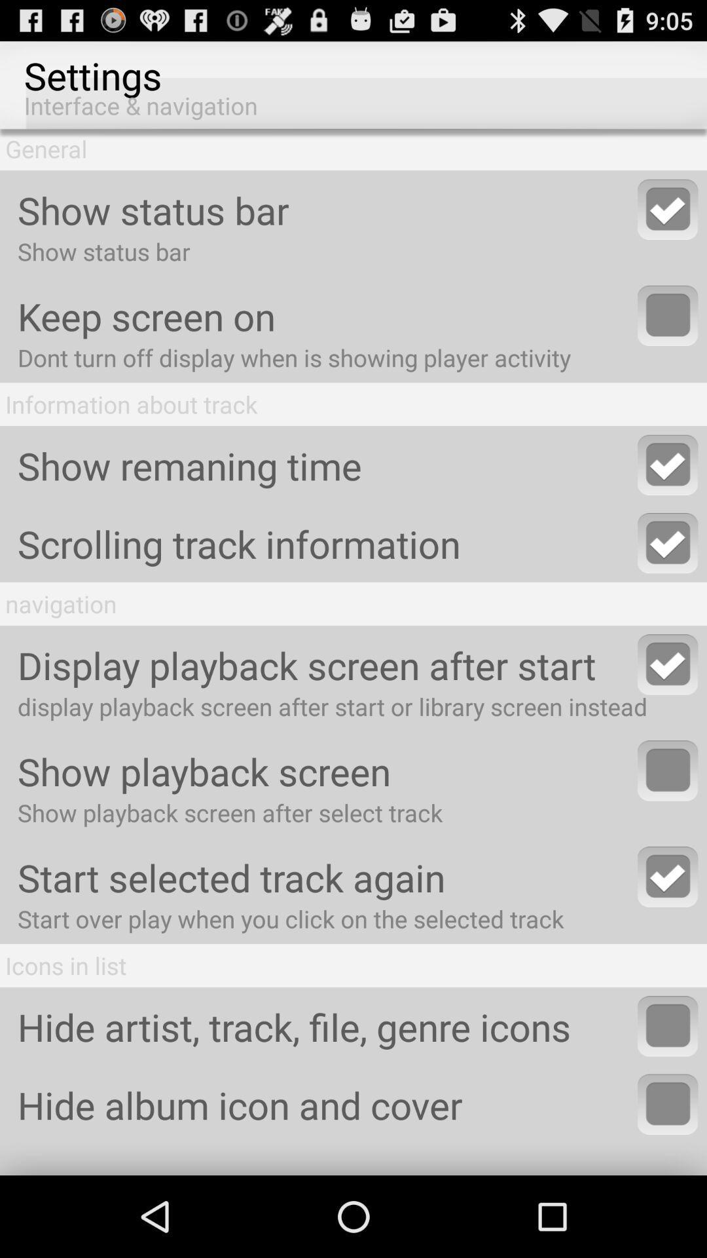  What do you see at coordinates (668, 465) in the screenshot?
I see `enable show remaining time feature` at bounding box center [668, 465].